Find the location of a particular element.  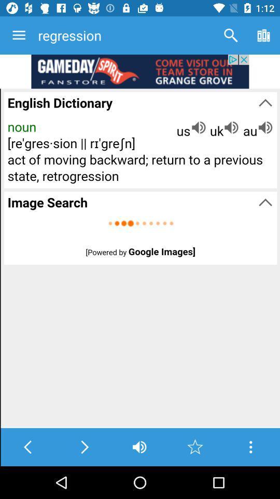

word is located at coordinates (195, 447).